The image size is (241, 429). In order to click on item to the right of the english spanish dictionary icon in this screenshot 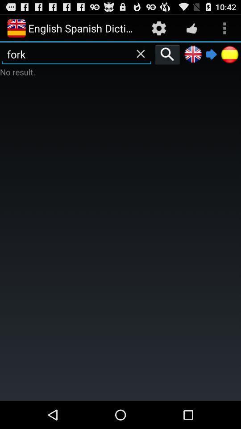, I will do `click(158, 28)`.